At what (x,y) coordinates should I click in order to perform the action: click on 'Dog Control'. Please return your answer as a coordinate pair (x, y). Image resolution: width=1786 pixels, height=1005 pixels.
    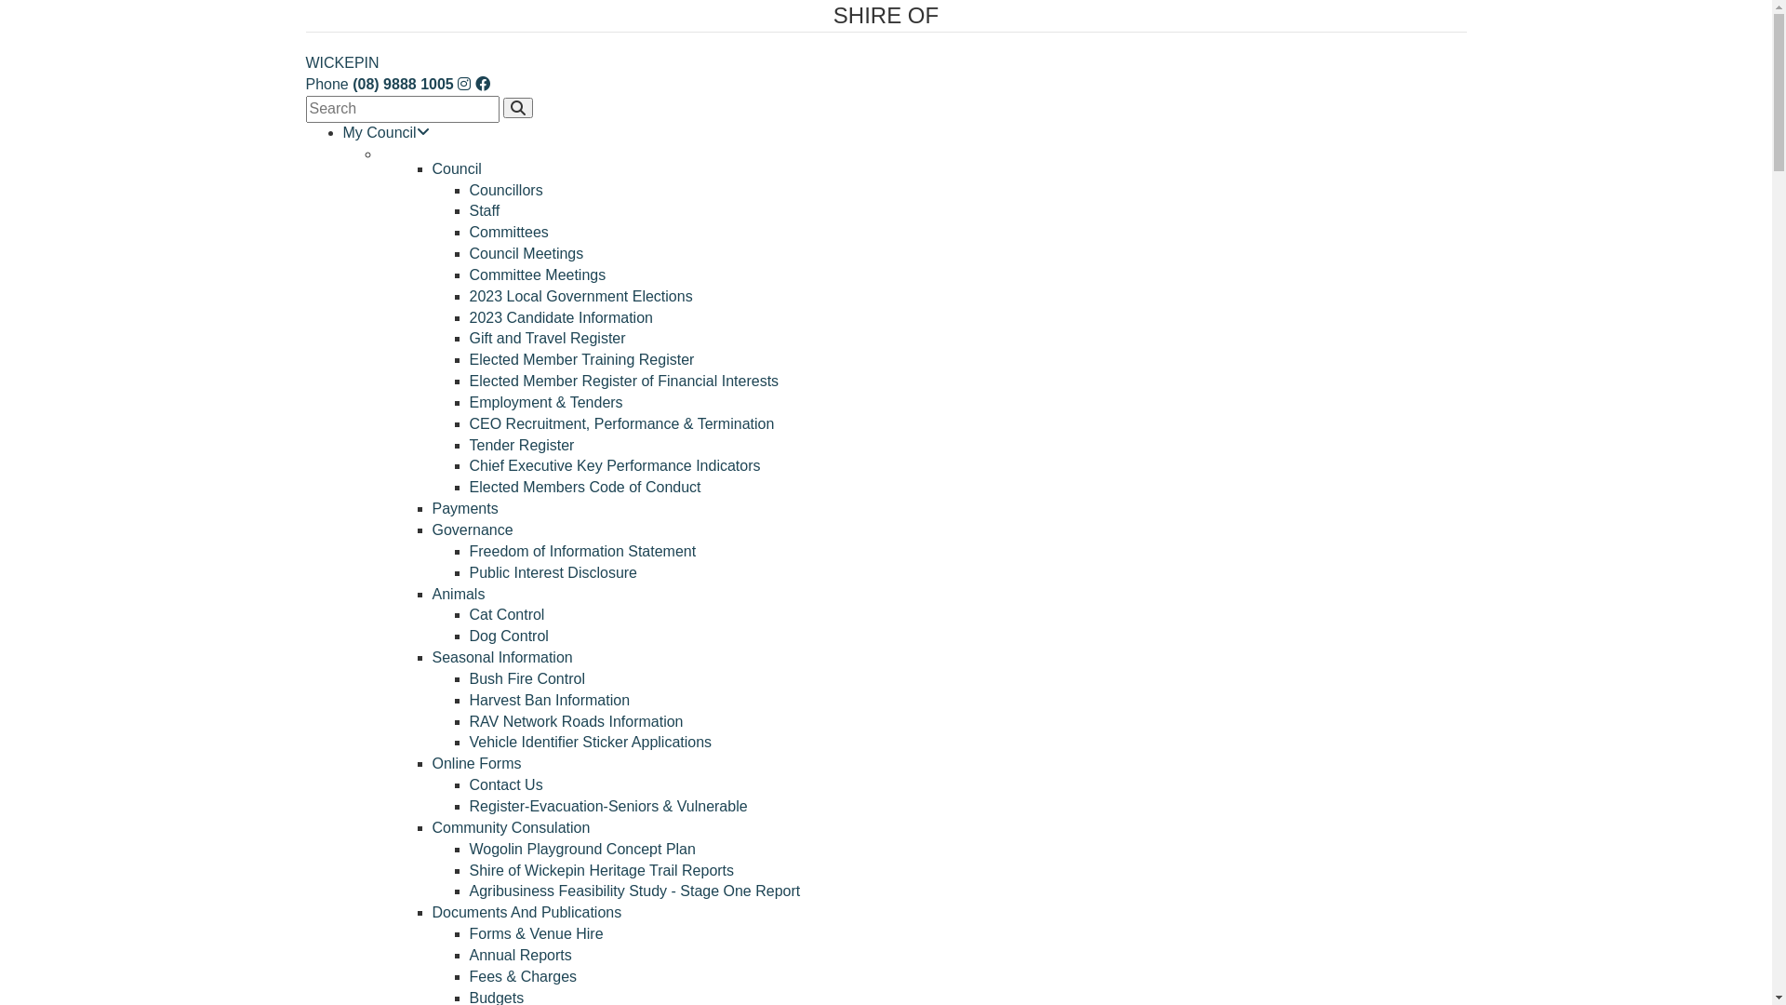
    Looking at the image, I should click on (508, 635).